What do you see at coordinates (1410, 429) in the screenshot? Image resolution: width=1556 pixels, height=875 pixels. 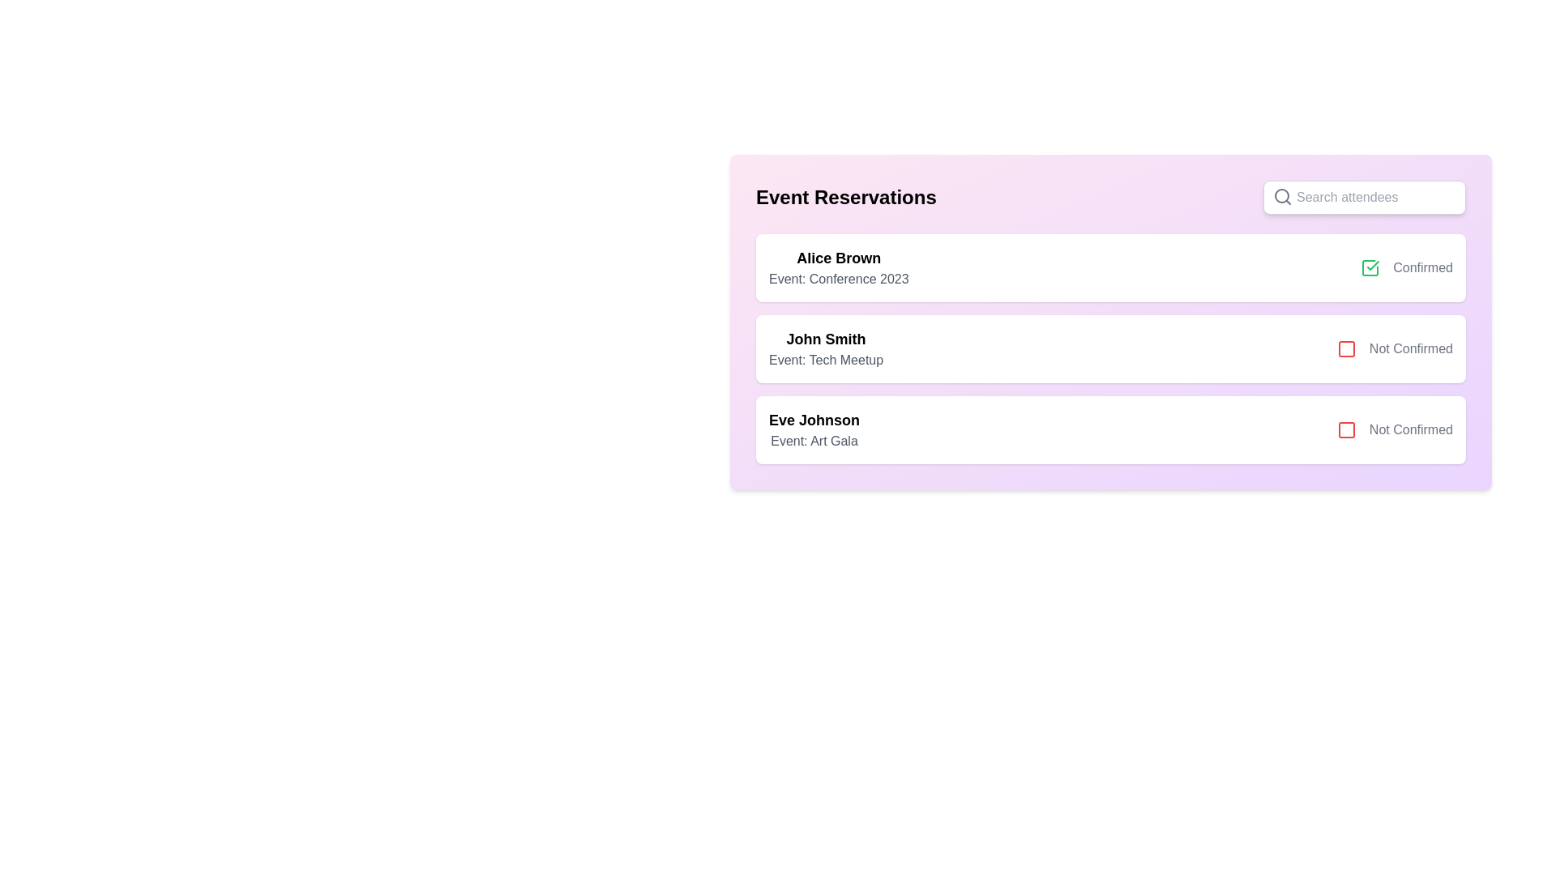 I see `the static text 'Not Confirmed'` at bounding box center [1410, 429].